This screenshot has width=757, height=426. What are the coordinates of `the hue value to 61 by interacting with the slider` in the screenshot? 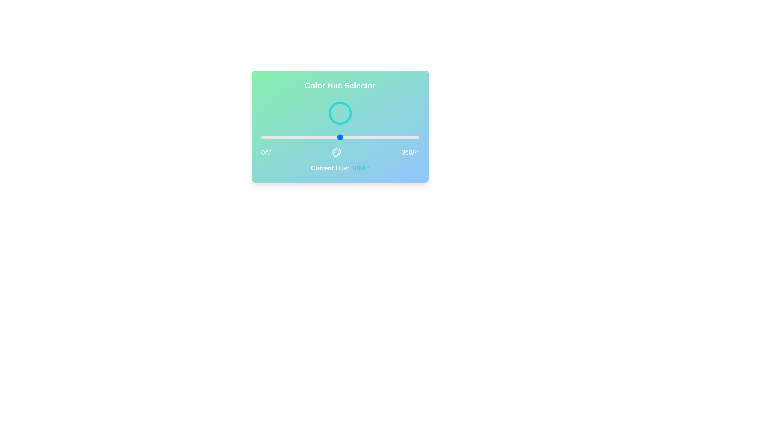 It's located at (287, 136).